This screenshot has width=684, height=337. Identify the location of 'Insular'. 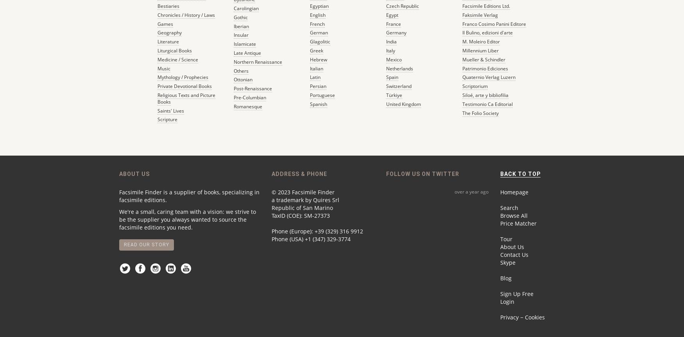
(233, 34).